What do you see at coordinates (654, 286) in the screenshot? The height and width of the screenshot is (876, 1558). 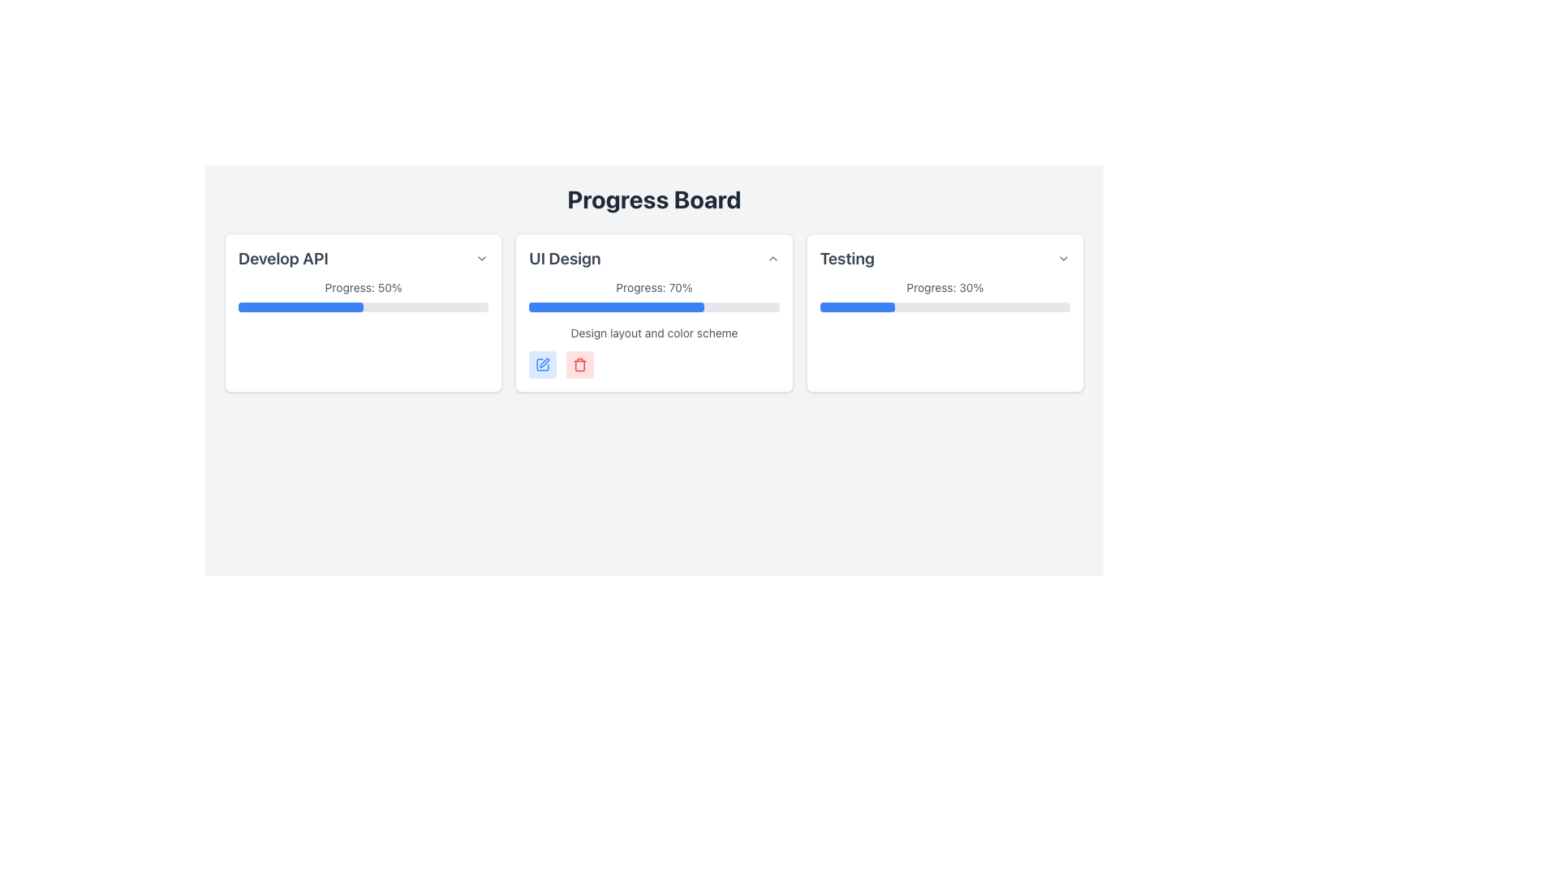 I see `the text label displaying 'Progress: 70%' within the 'UI Design' card to potentially see additional details or tooltips` at bounding box center [654, 286].